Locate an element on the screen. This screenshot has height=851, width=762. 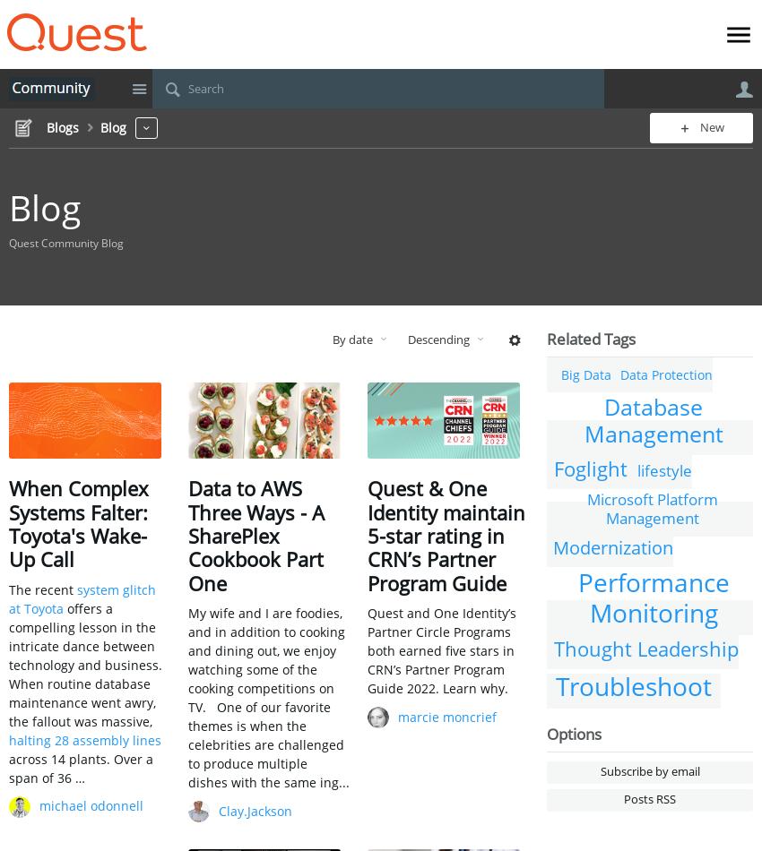
'By date' is located at coordinates (331, 339).